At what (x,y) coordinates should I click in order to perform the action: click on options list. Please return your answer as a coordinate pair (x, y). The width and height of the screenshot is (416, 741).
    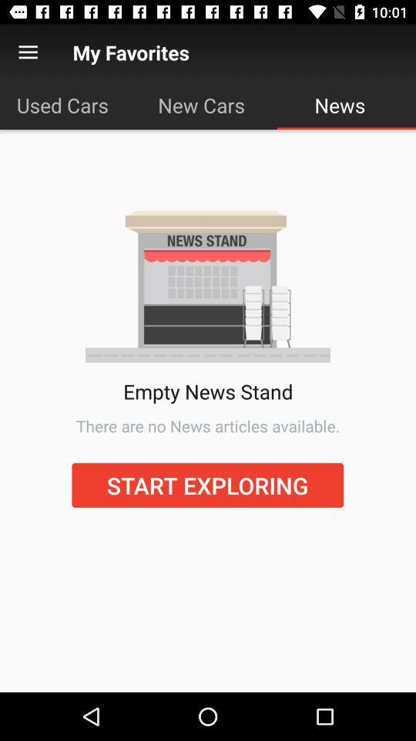
    Looking at the image, I should click on (28, 52).